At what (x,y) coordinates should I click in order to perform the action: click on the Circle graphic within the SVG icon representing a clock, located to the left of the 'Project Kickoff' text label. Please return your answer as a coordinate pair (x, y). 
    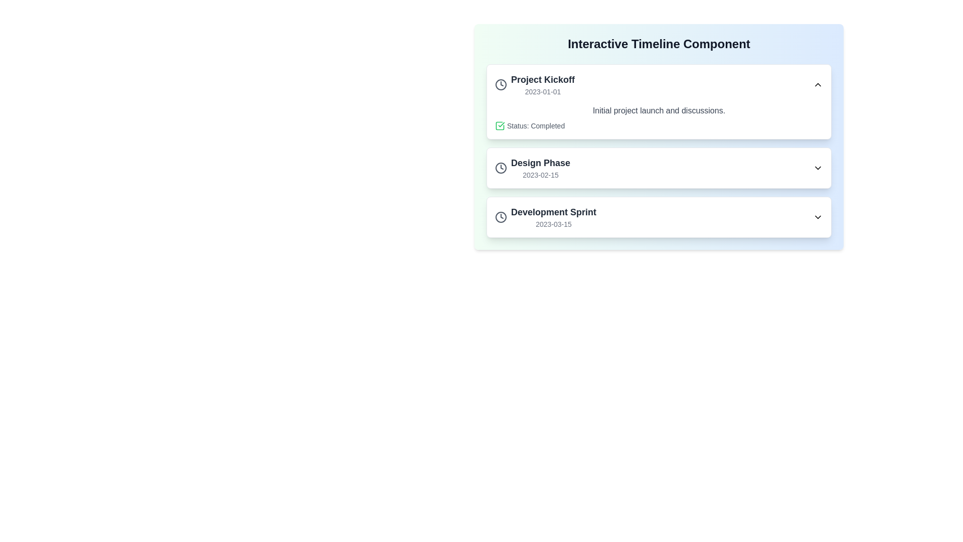
    Looking at the image, I should click on (501, 216).